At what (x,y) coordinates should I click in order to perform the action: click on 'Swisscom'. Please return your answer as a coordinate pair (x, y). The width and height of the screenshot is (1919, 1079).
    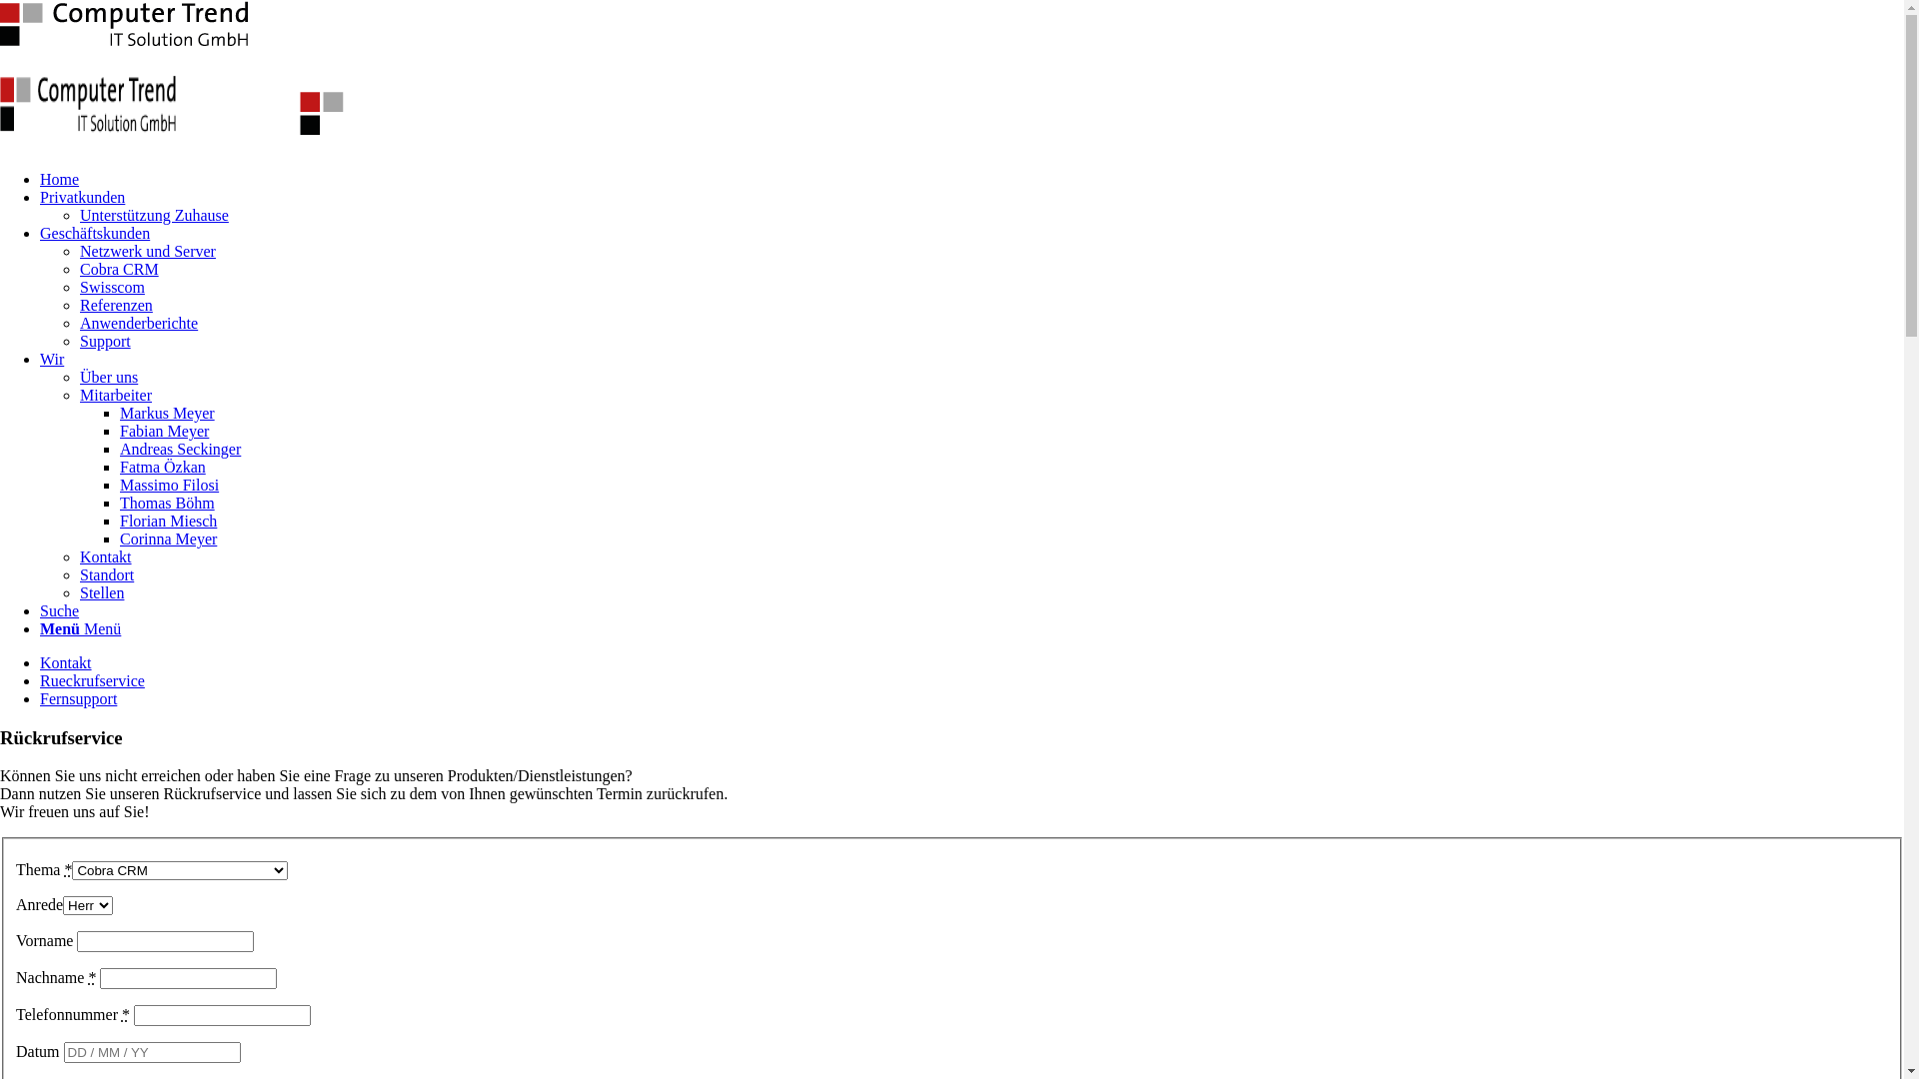
    Looking at the image, I should click on (111, 287).